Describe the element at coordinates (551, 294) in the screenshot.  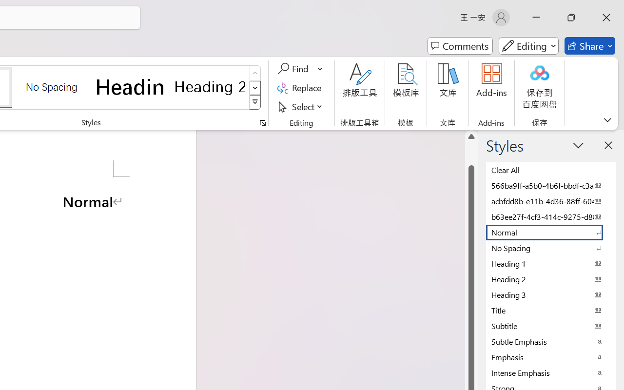
I see `'Heading 3'` at that location.